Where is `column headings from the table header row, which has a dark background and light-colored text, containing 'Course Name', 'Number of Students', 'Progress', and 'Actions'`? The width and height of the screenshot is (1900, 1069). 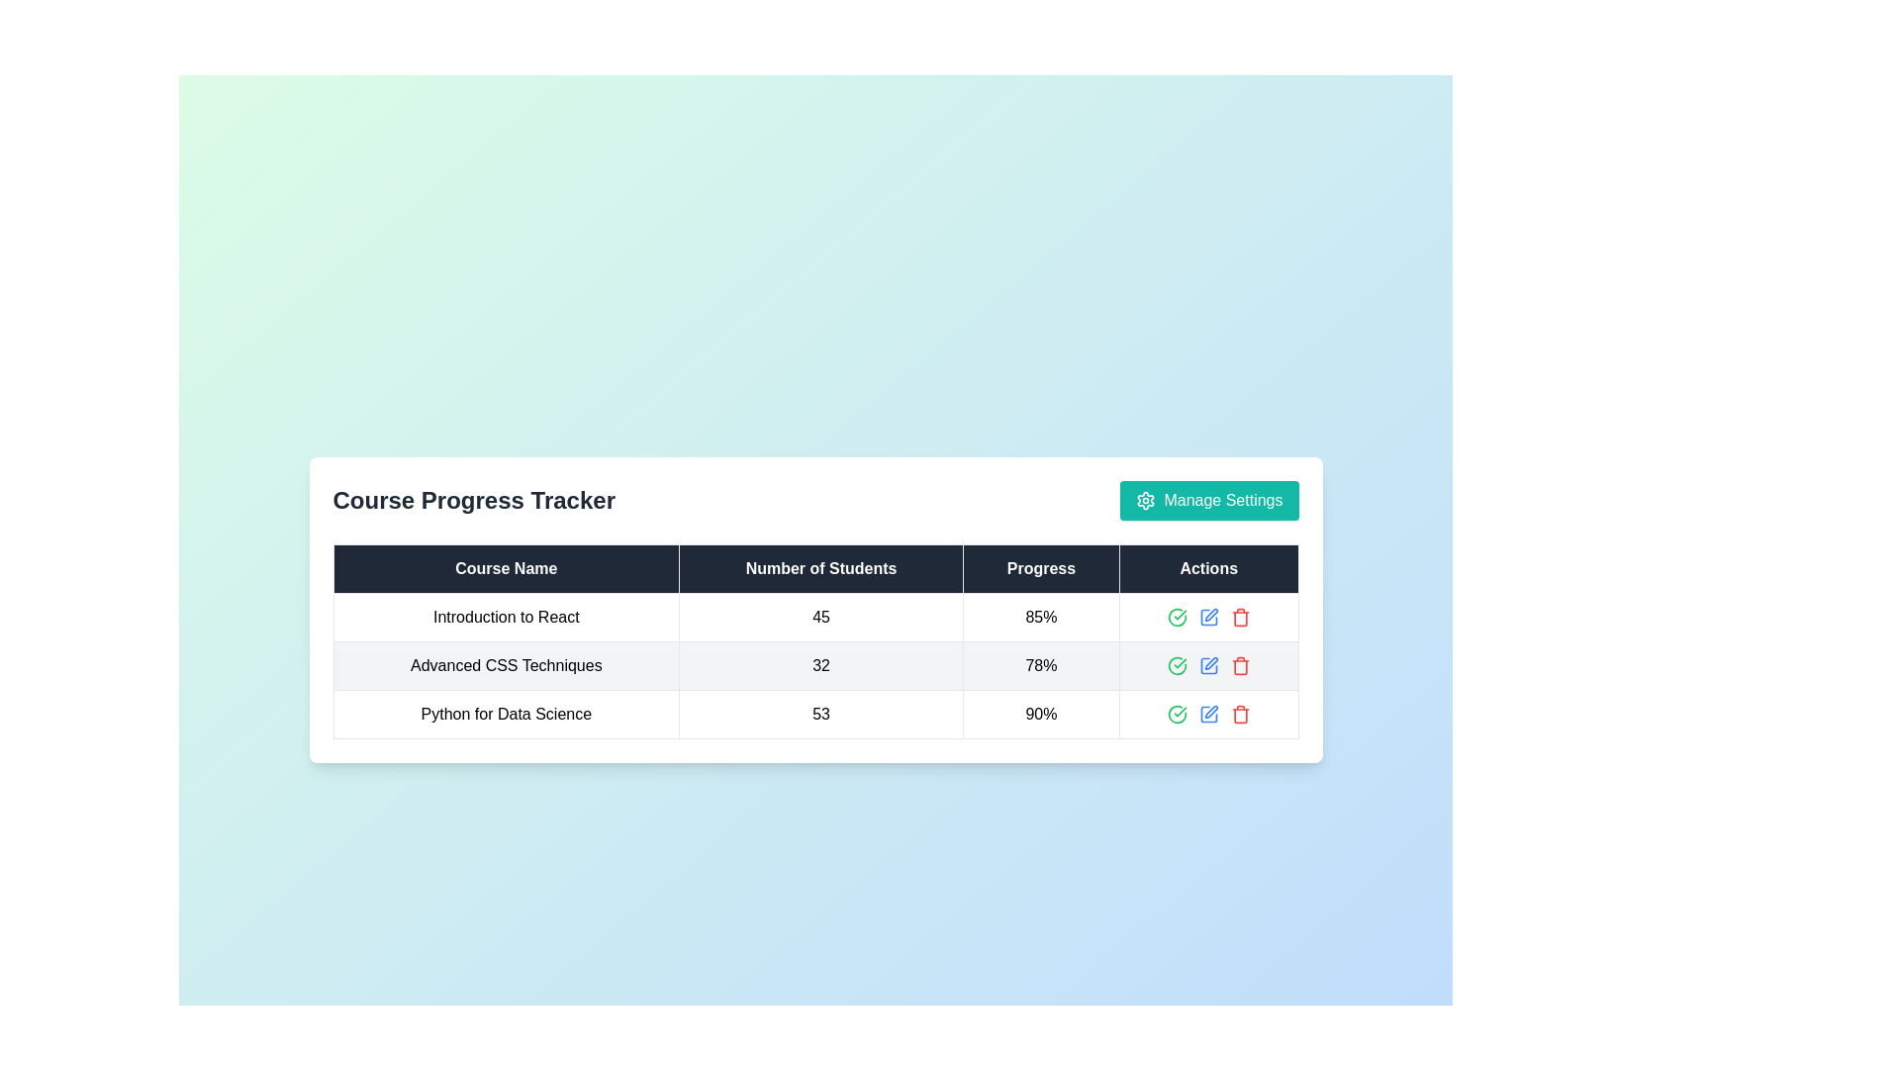
column headings from the table header row, which has a dark background and light-colored text, containing 'Course Name', 'Number of Students', 'Progress', and 'Actions' is located at coordinates (815, 568).